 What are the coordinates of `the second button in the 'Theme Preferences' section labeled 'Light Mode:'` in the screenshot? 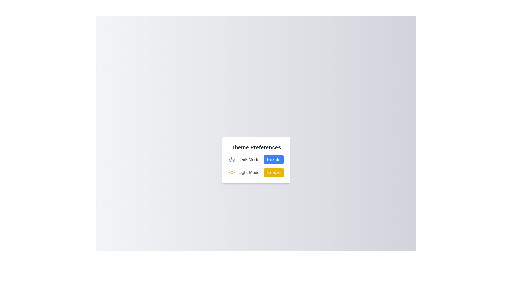 It's located at (274, 172).